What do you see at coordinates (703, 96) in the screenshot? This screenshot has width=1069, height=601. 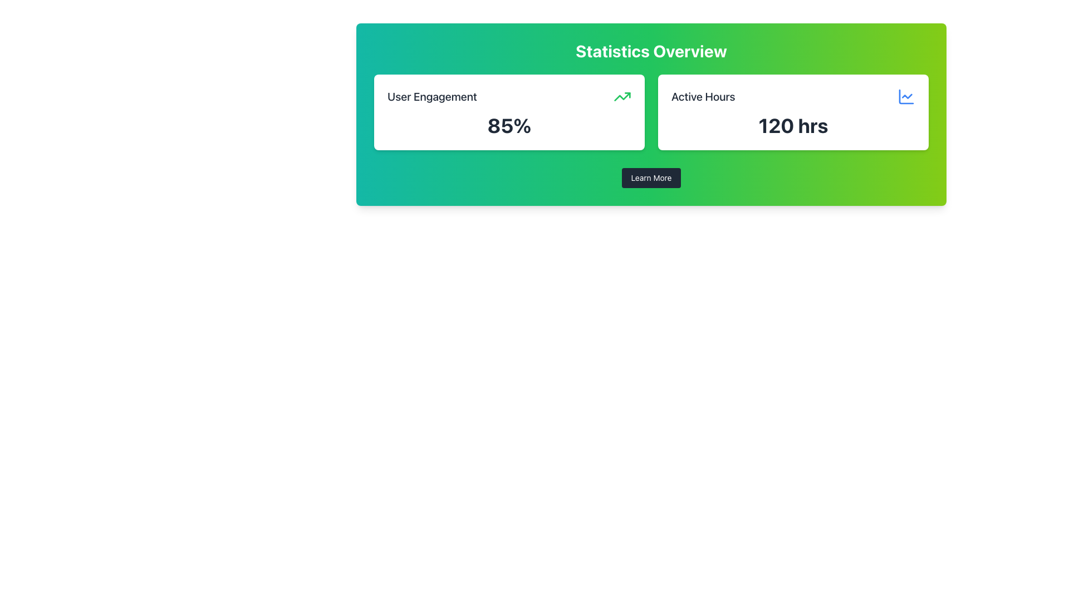 I see `the text element that serves as a title for 'Active Hours', positioned to the left of the numeric value '120 hrs'` at bounding box center [703, 96].